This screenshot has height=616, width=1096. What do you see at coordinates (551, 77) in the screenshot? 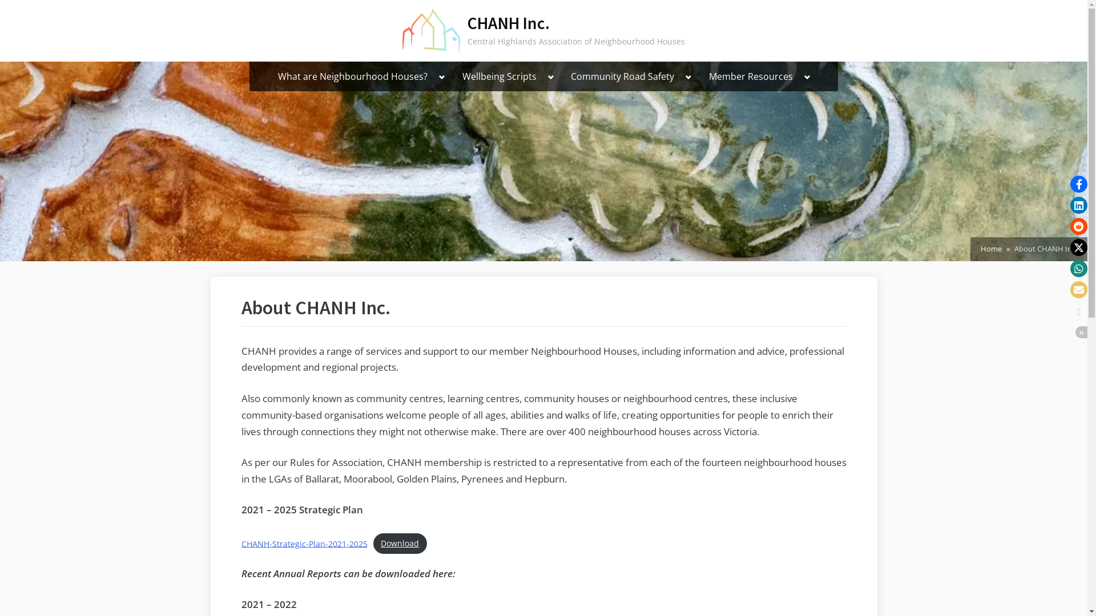
I see `'Toggle sub-menu'` at bounding box center [551, 77].